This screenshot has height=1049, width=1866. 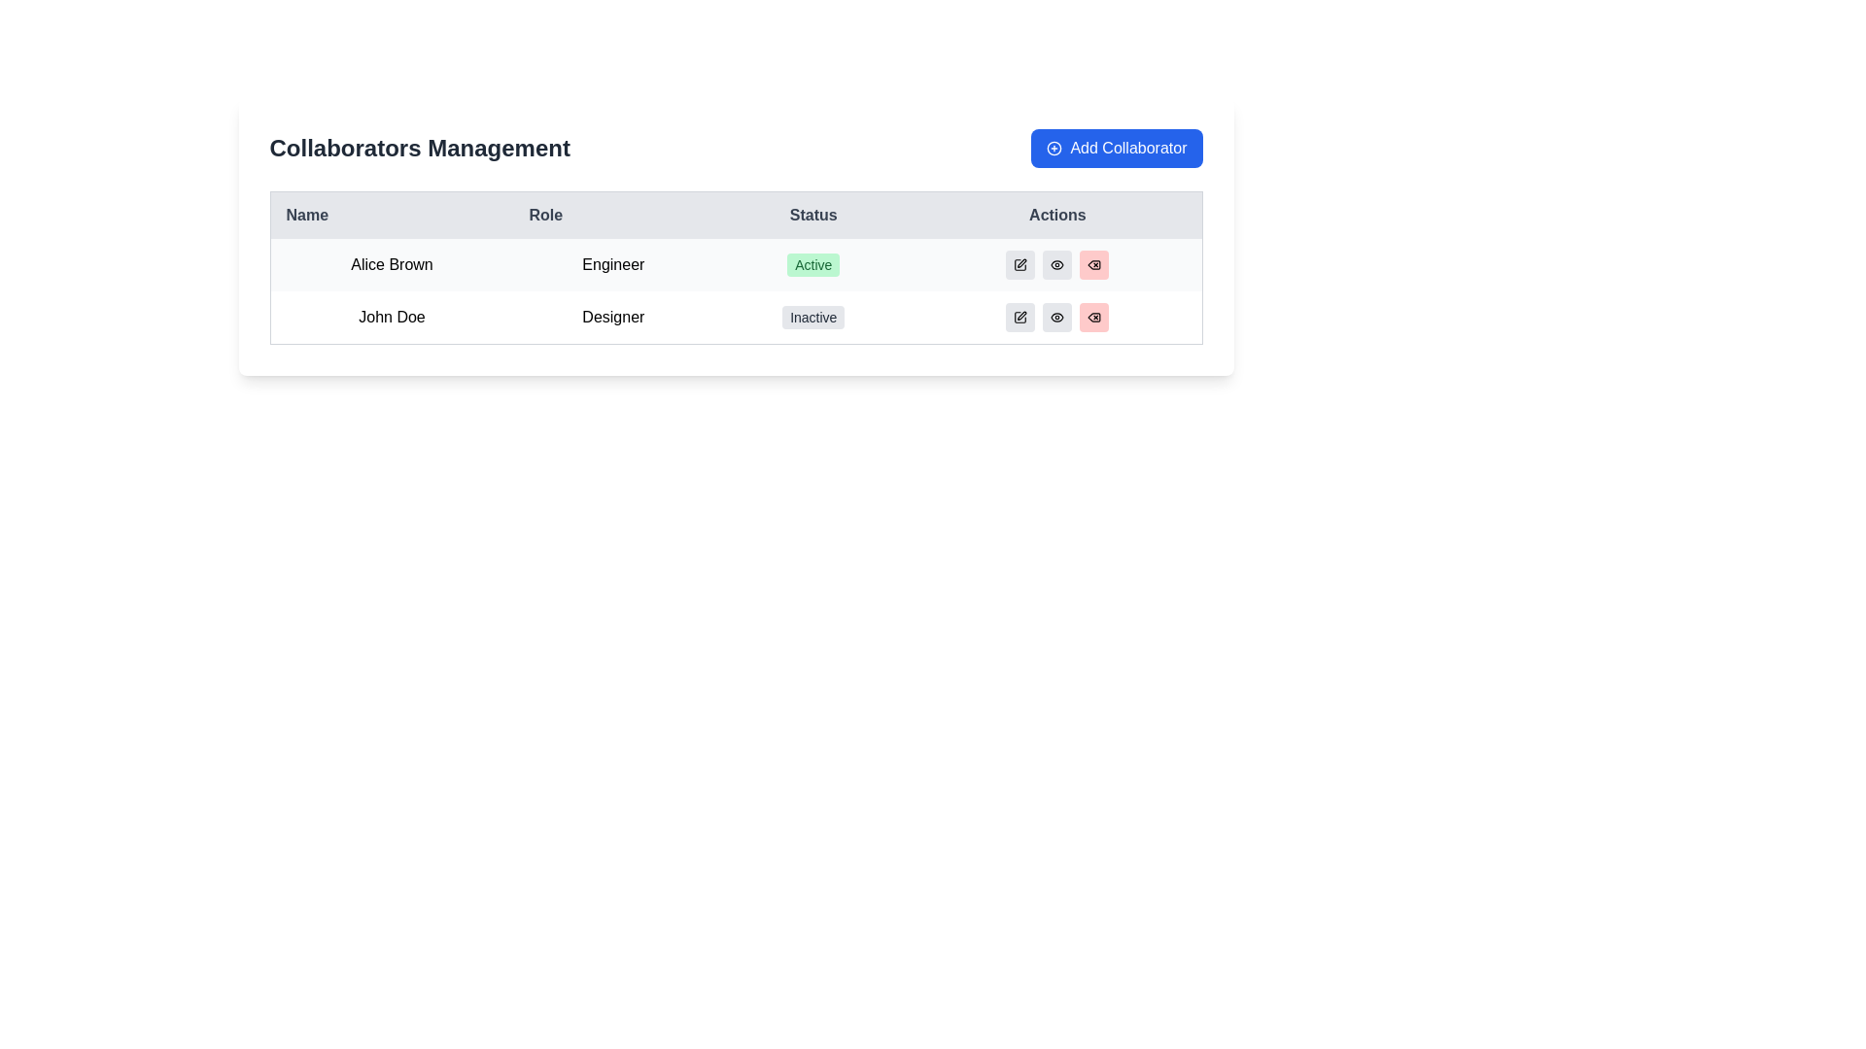 What do you see at coordinates (419, 148) in the screenshot?
I see `bold text label saying 'Collaborators Management' located at the top-left corner of the interface` at bounding box center [419, 148].